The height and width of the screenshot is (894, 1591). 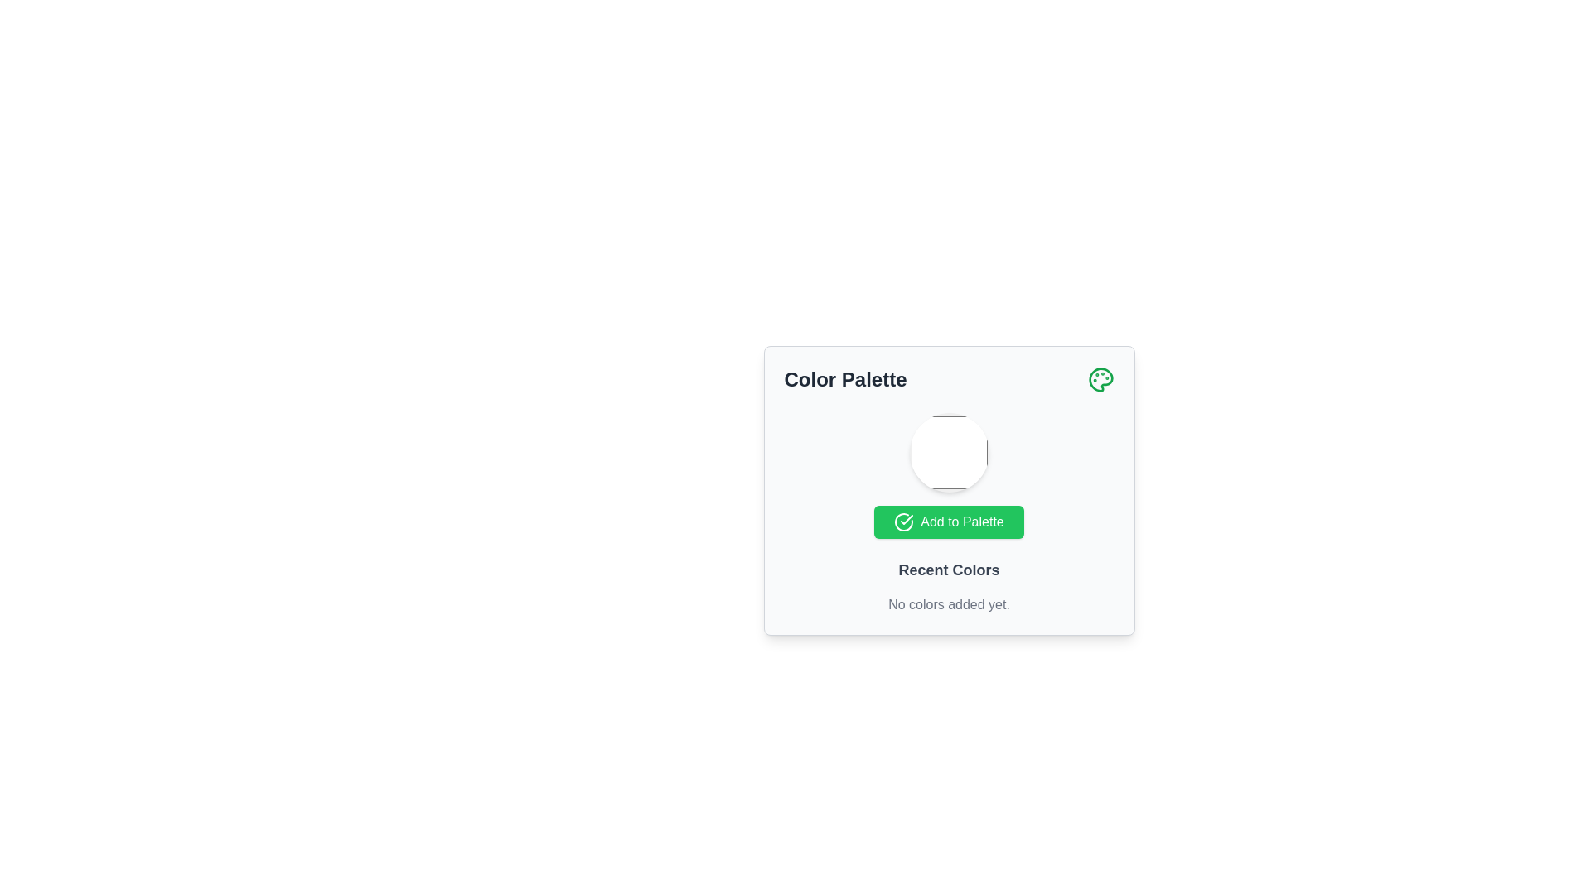 I want to click on the green rectangular button labeled 'Add to Palette' which has a checkmark icon, so click(x=949, y=522).